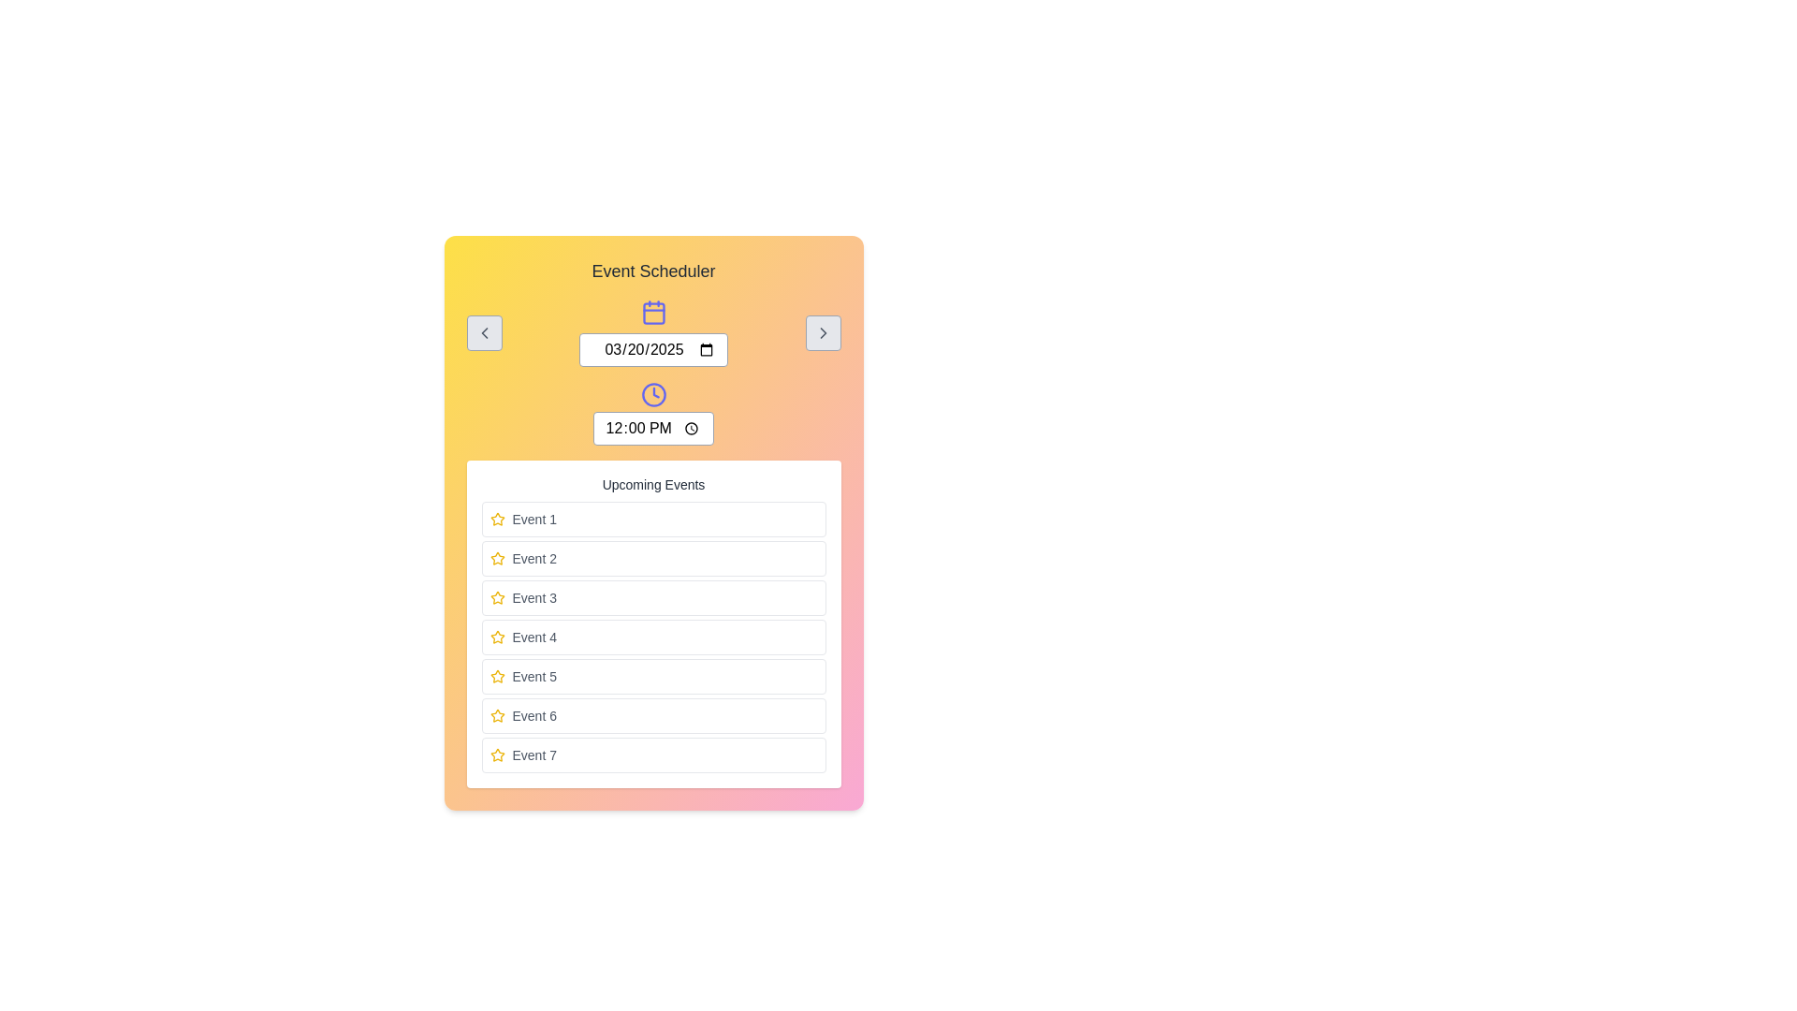 Image resolution: width=1797 pixels, height=1011 pixels. Describe the element at coordinates (497, 597) in the screenshot. I see `the small star-shaped icon outlined in yellow, which is located to the left of 'Event 3' in the 'Upcoming Events' list` at that location.